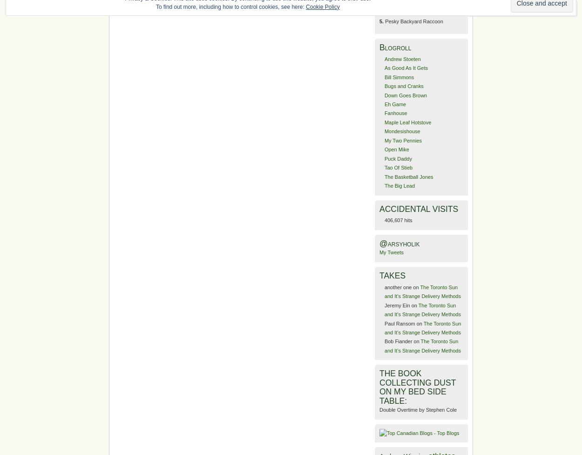  What do you see at coordinates (407, 122) in the screenshot?
I see `'Maple Leaf Hotstove'` at bounding box center [407, 122].